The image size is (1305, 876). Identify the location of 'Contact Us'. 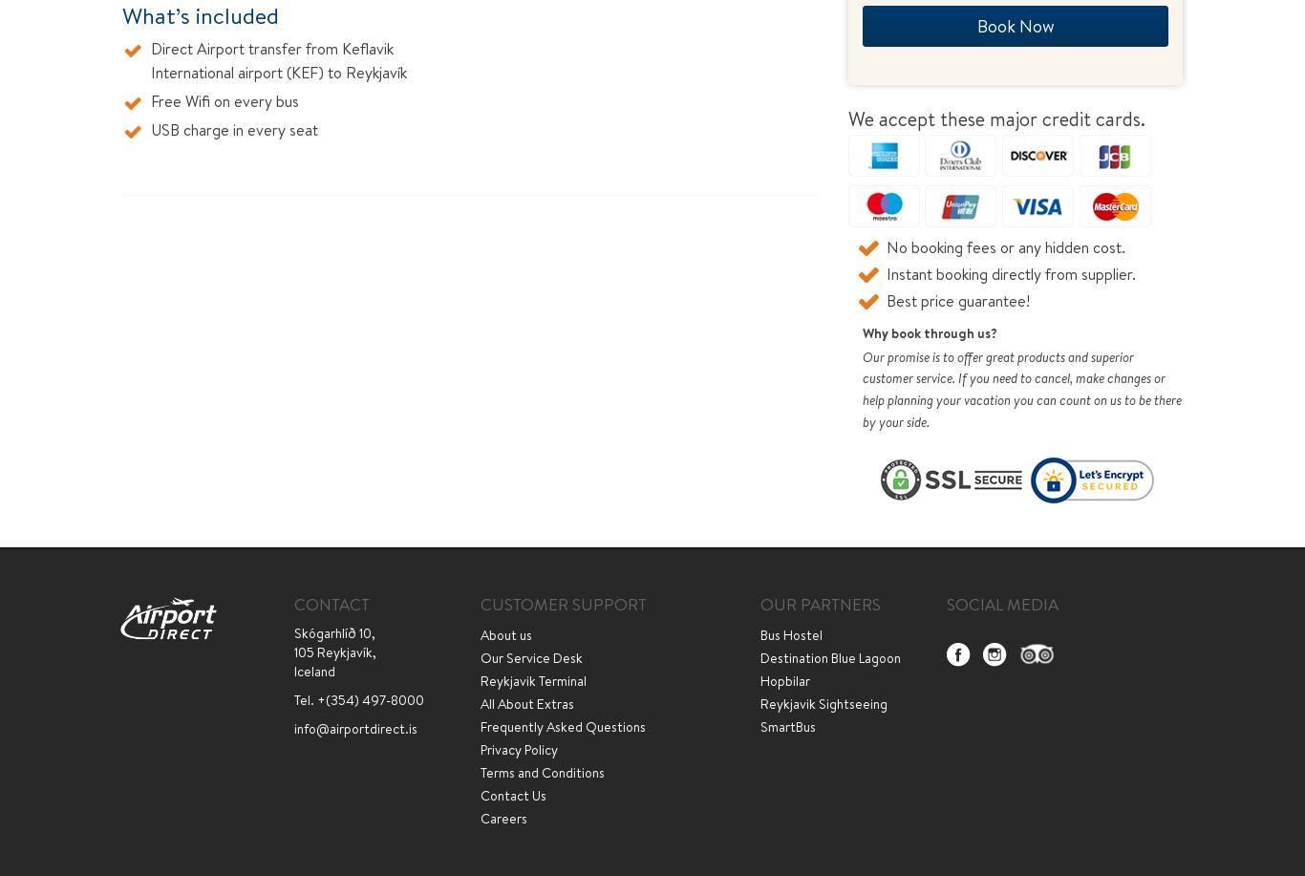
(513, 794).